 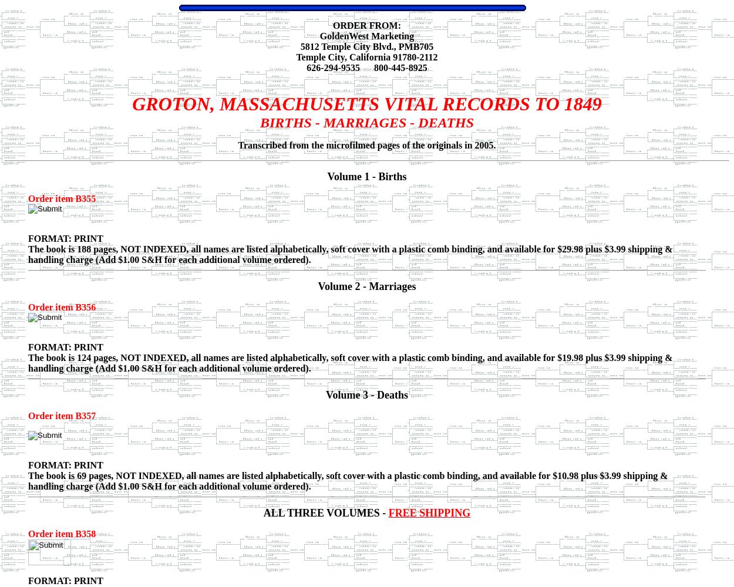 What do you see at coordinates (61, 198) in the screenshot?
I see `'Order item B355'` at bounding box center [61, 198].